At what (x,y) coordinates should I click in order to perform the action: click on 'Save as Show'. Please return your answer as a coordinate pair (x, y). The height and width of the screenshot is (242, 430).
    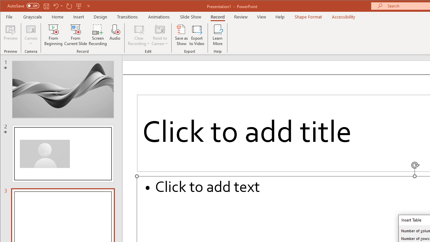
    Looking at the image, I should click on (181, 35).